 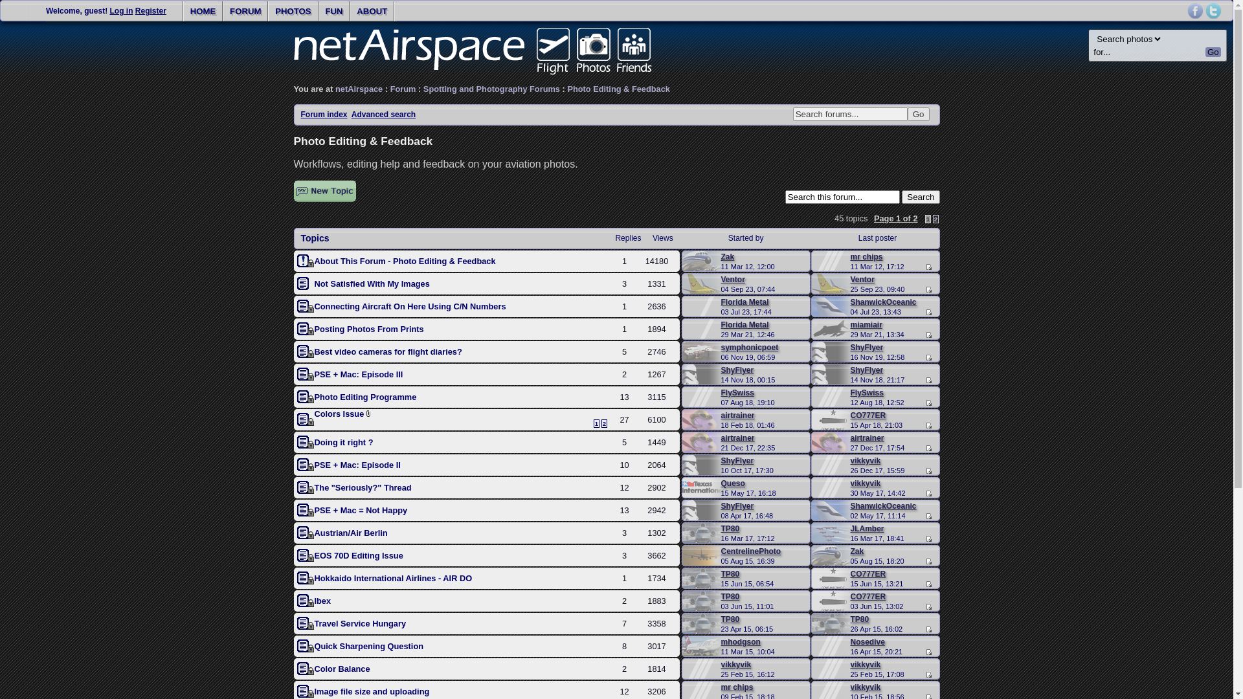 What do you see at coordinates (359, 555) in the screenshot?
I see `'EOS 70D Editing Issue'` at bounding box center [359, 555].